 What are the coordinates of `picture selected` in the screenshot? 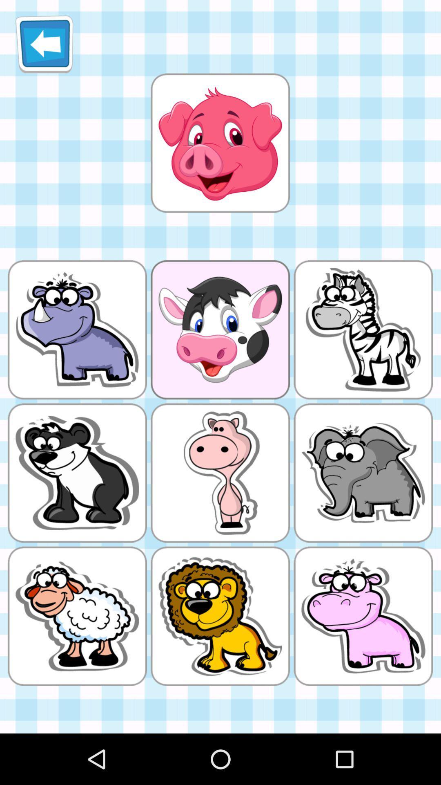 It's located at (220, 143).